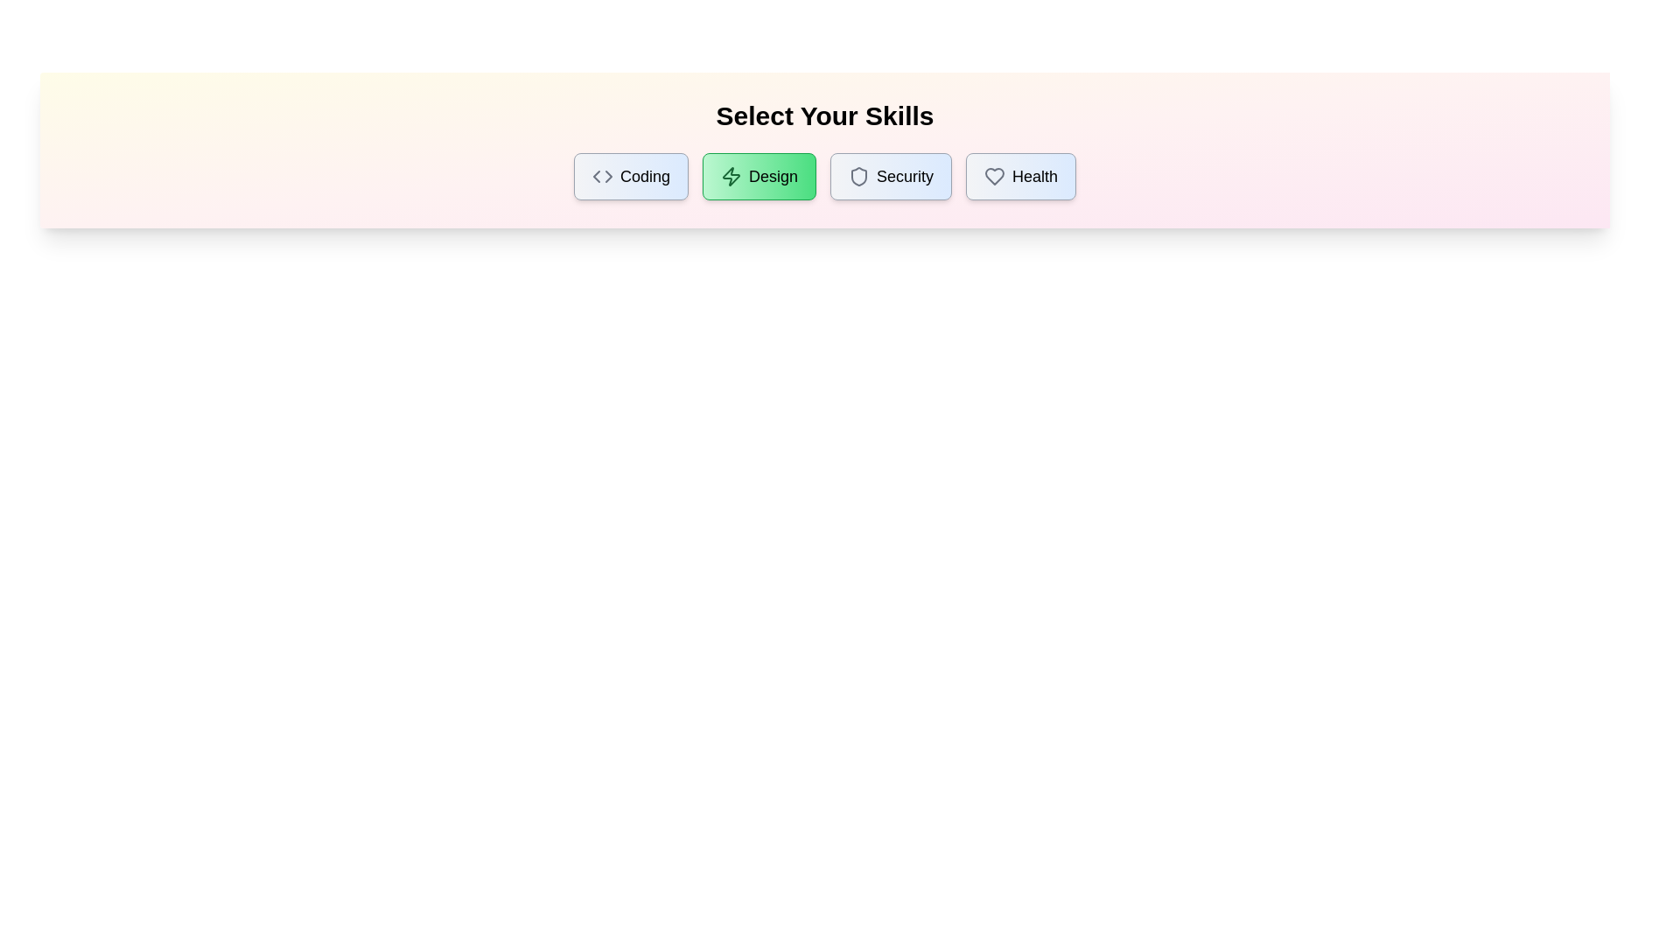  I want to click on the skill Coding by clicking on its button, so click(630, 176).